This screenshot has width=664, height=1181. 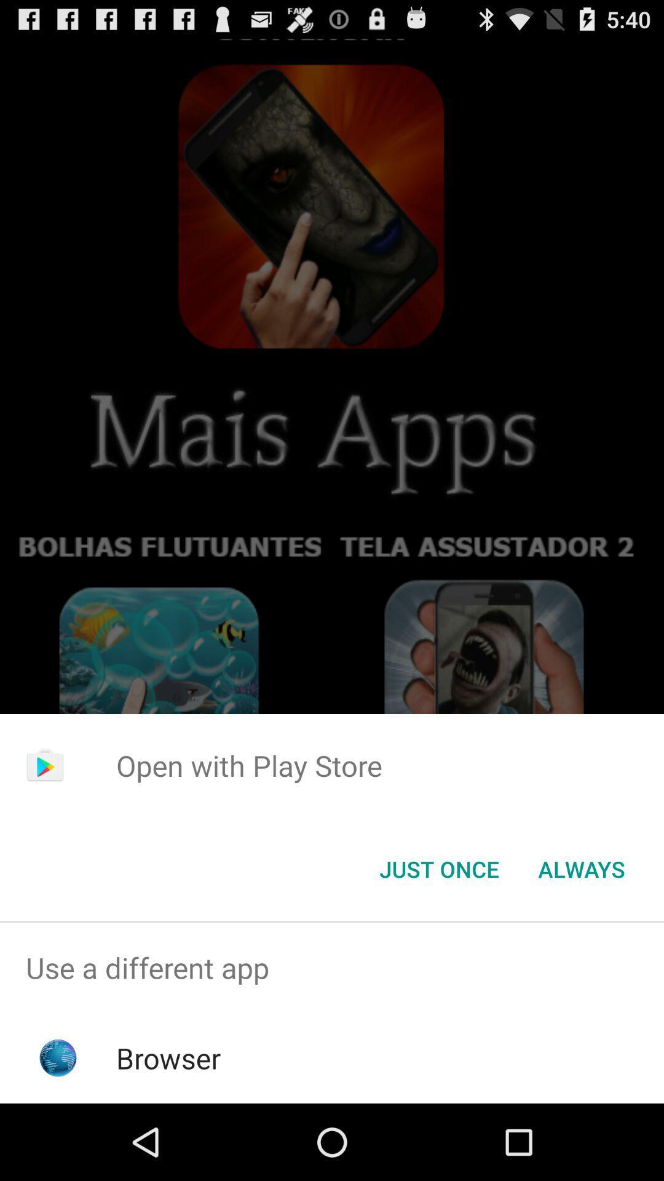 What do you see at coordinates (581, 868) in the screenshot?
I see `icon next to the just once button` at bounding box center [581, 868].